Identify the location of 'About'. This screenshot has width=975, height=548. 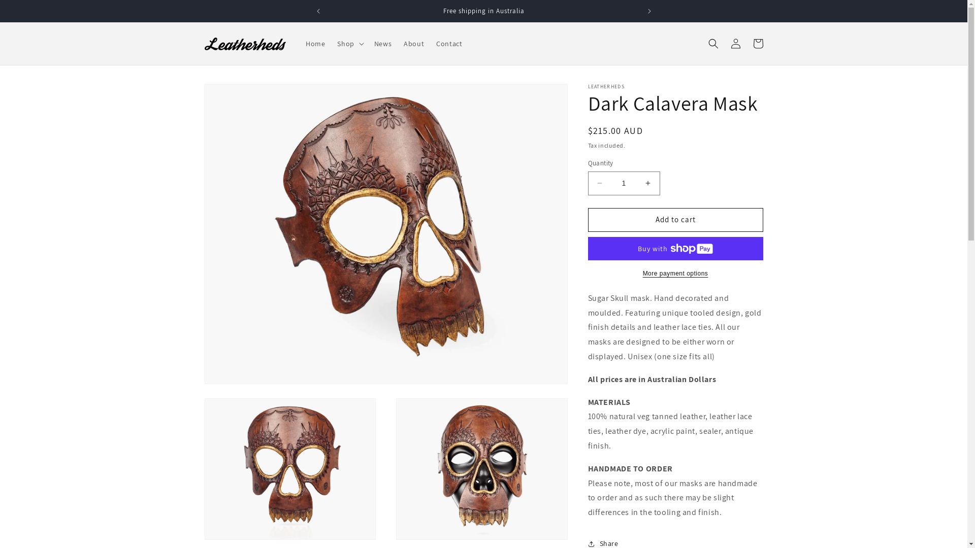
(414, 43).